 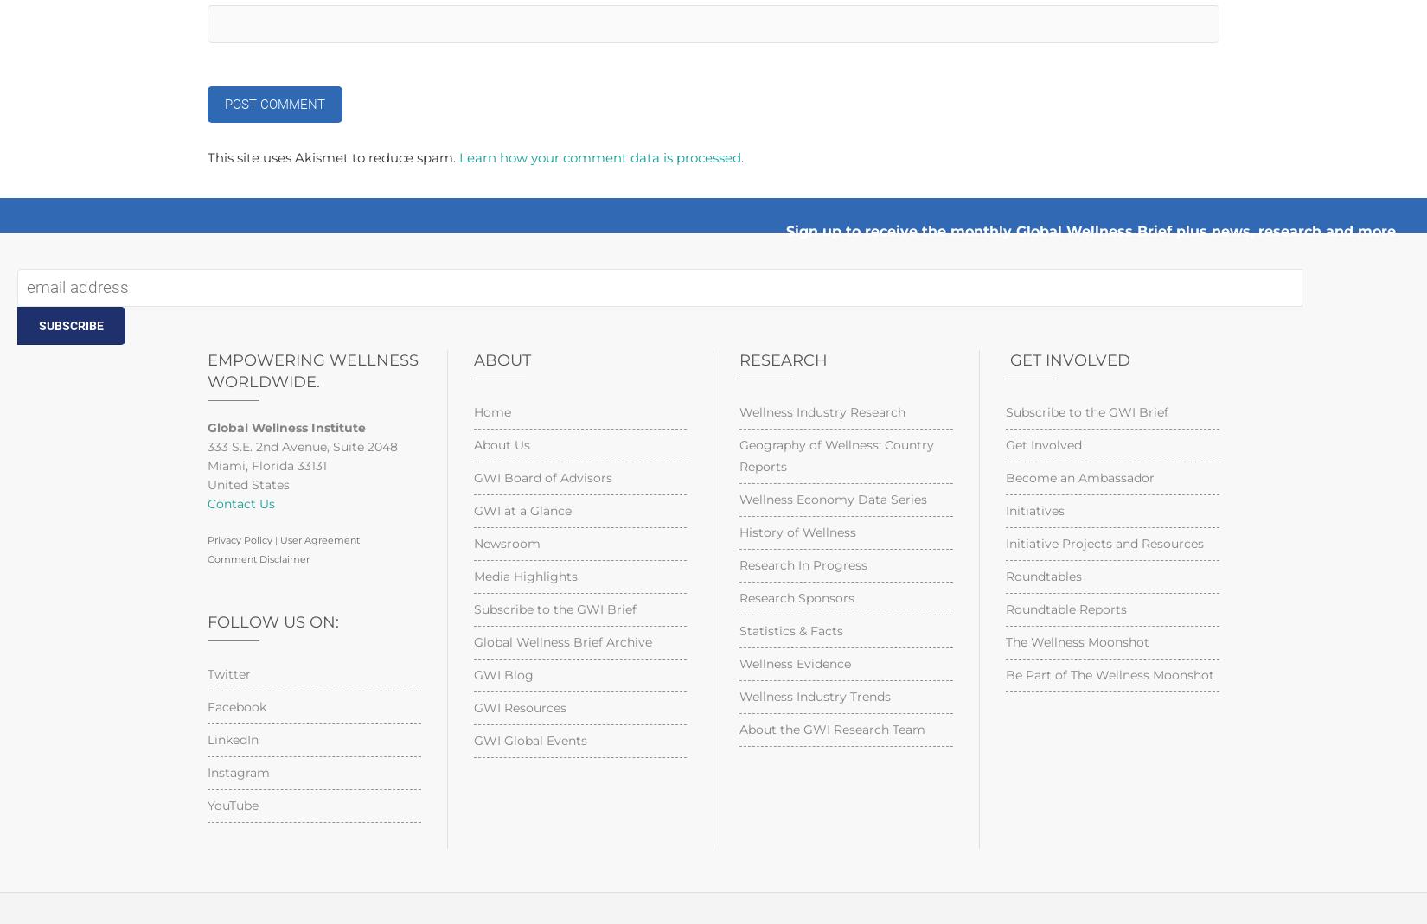 What do you see at coordinates (500, 360) in the screenshot?
I see `'About'` at bounding box center [500, 360].